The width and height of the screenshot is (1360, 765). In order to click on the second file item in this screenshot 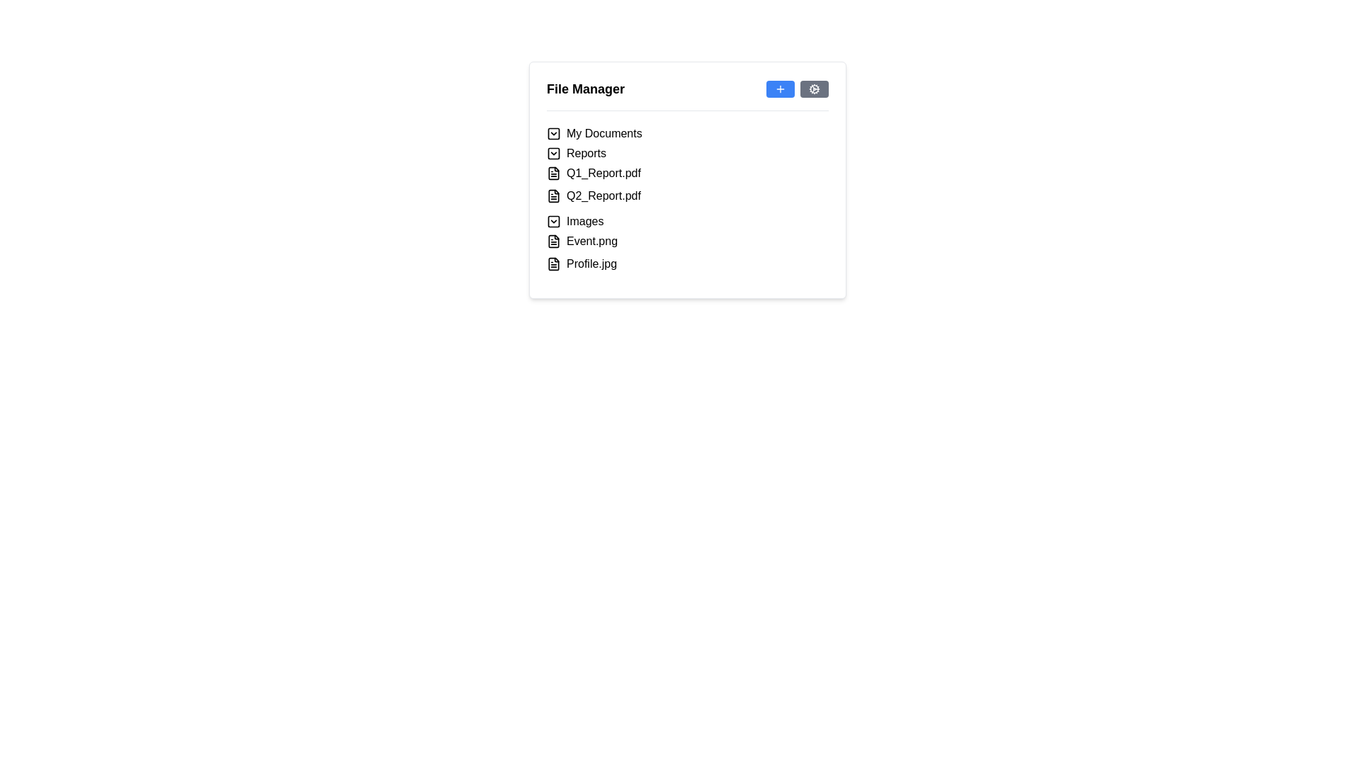, I will do `click(687, 196)`.